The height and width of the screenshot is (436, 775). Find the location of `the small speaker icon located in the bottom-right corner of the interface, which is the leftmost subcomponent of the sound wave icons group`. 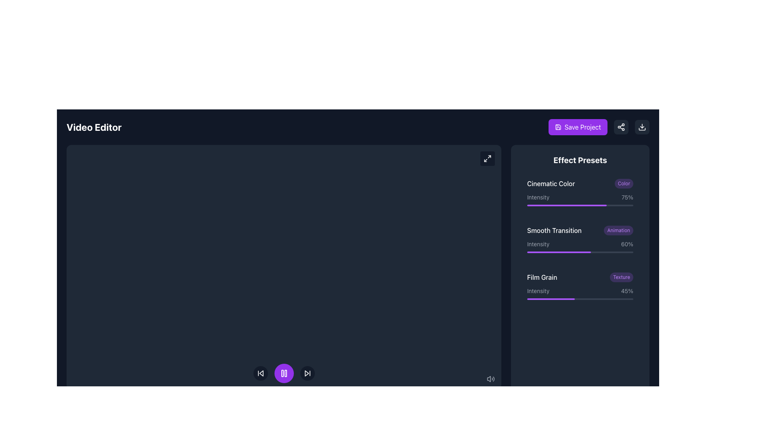

the small speaker icon located in the bottom-right corner of the interface, which is the leftmost subcomponent of the sound wave icons group is located at coordinates (488, 379).